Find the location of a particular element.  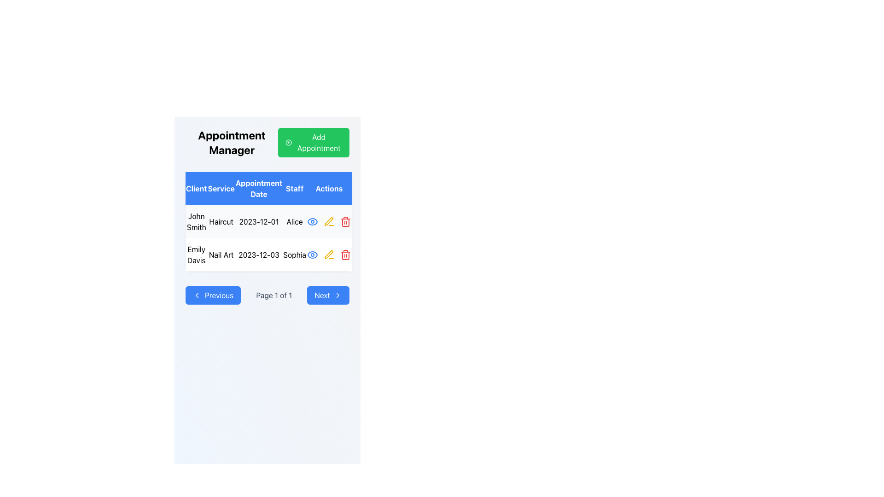

the second 'delete' icon in the 'Actions' column of the table corresponding to 'Emily Davis - Nail Art' is located at coordinates (345, 255).